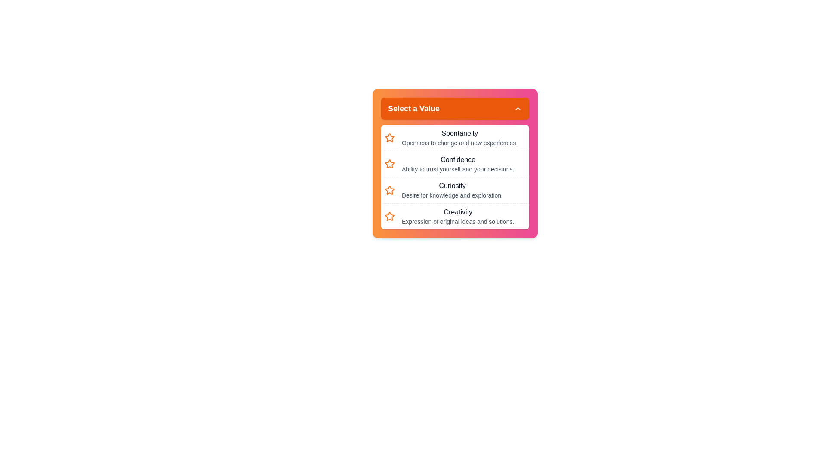 The image size is (826, 464). I want to click on the static text label located below the bold text 'Curiosity' in the third list item of the dropdown menu titled 'Select a Value', so click(452, 195).